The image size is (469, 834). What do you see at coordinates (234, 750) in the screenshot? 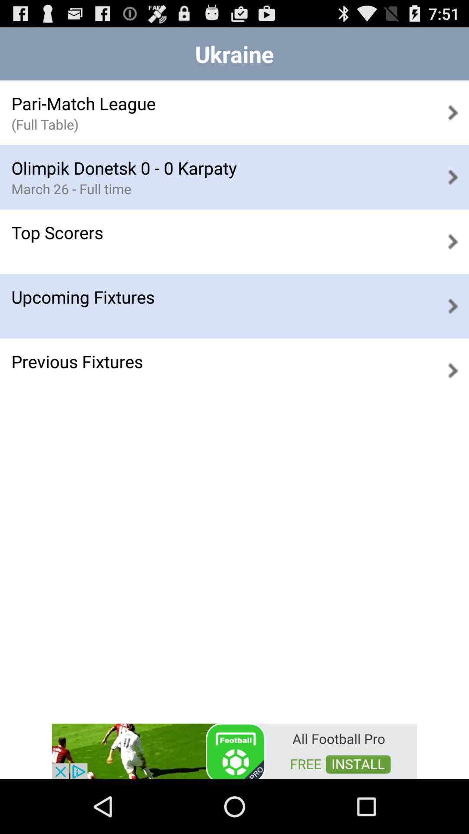
I see `install external app` at bounding box center [234, 750].